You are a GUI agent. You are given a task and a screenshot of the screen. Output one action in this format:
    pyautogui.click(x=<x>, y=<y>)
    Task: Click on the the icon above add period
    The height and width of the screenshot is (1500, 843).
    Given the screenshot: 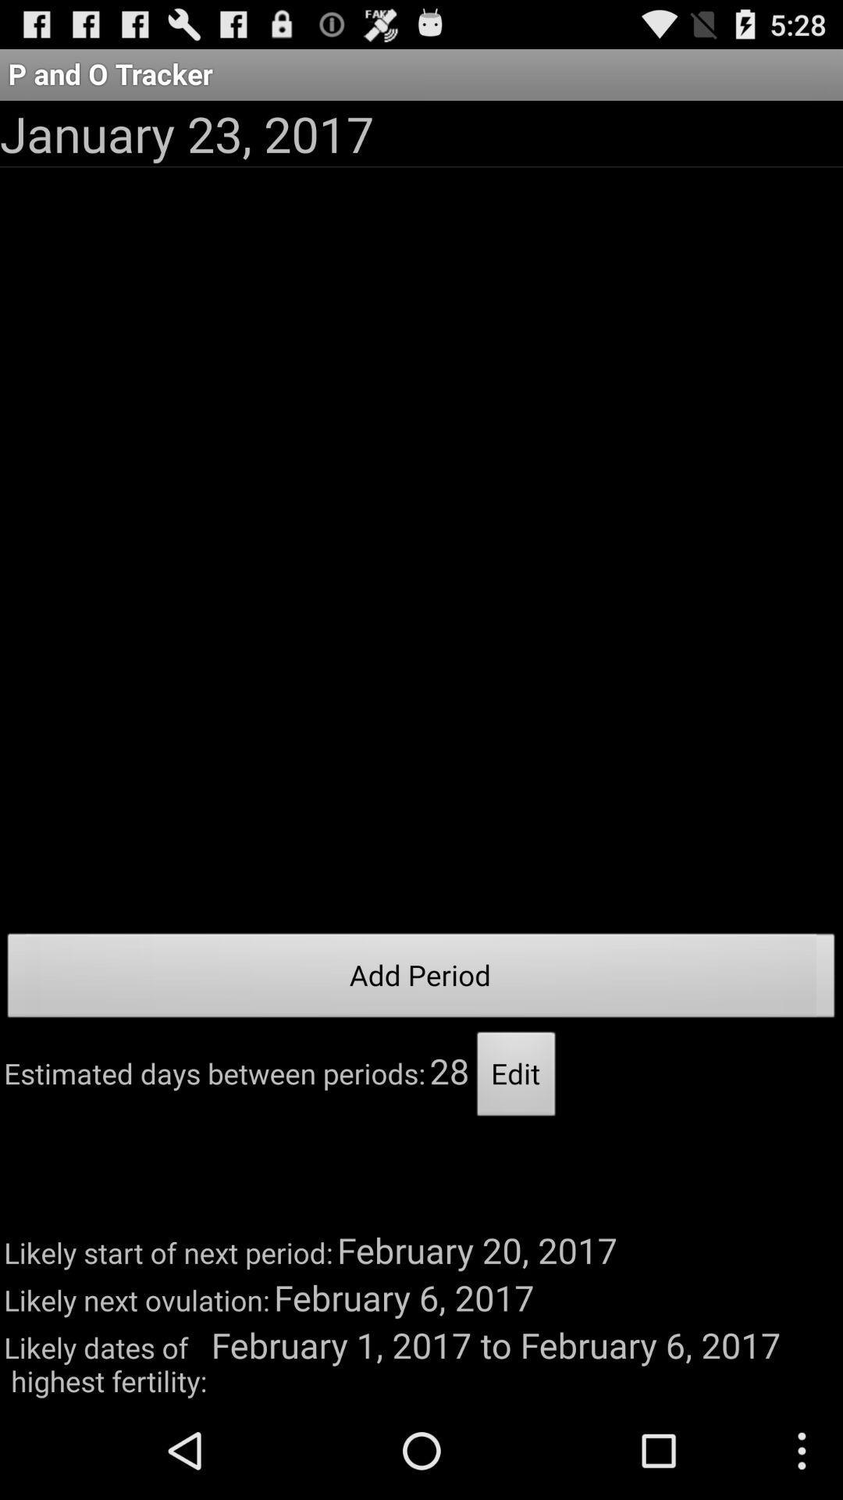 What is the action you would take?
    pyautogui.click(x=186, y=134)
    